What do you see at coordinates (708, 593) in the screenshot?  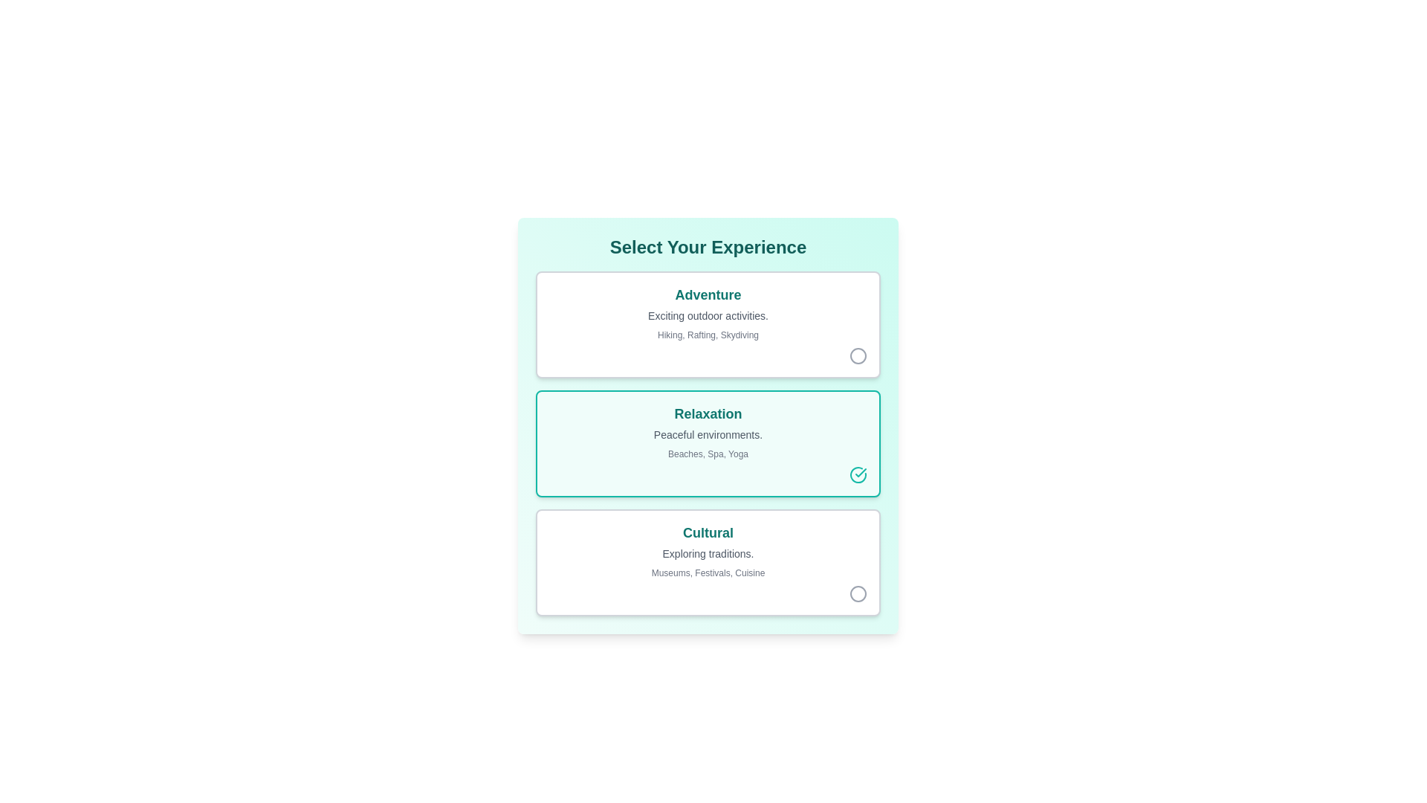 I see `the Selection Indicator or Placeholder located at the bottom of the 'Cultural' card` at bounding box center [708, 593].